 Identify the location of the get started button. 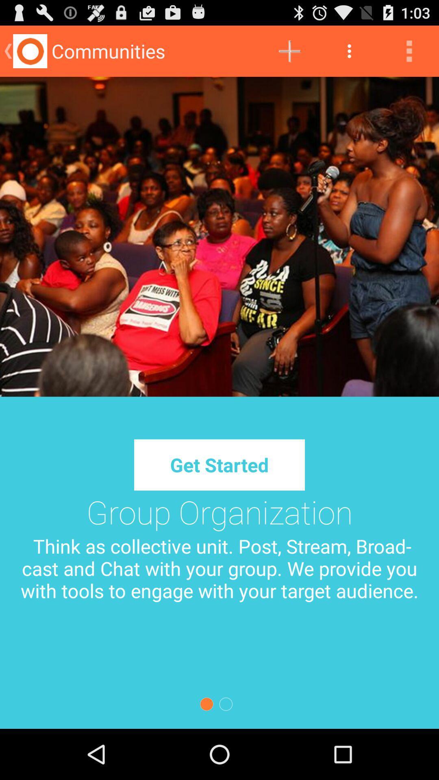
(219, 465).